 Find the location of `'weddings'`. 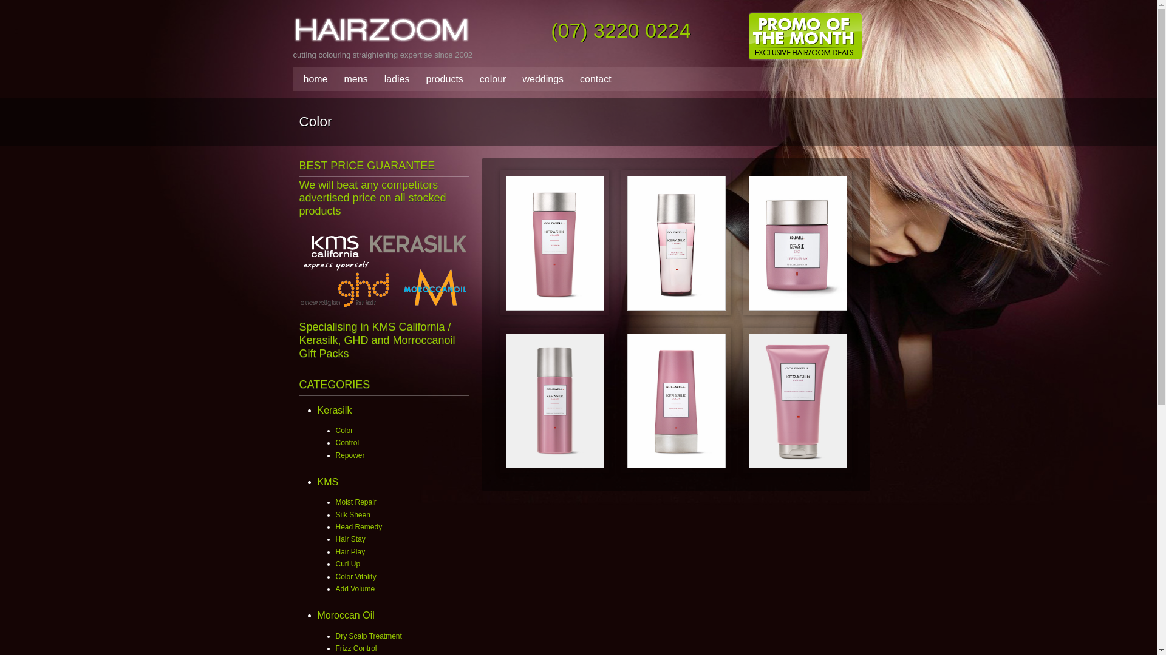

'weddings' is located at coordinates (539, 79).